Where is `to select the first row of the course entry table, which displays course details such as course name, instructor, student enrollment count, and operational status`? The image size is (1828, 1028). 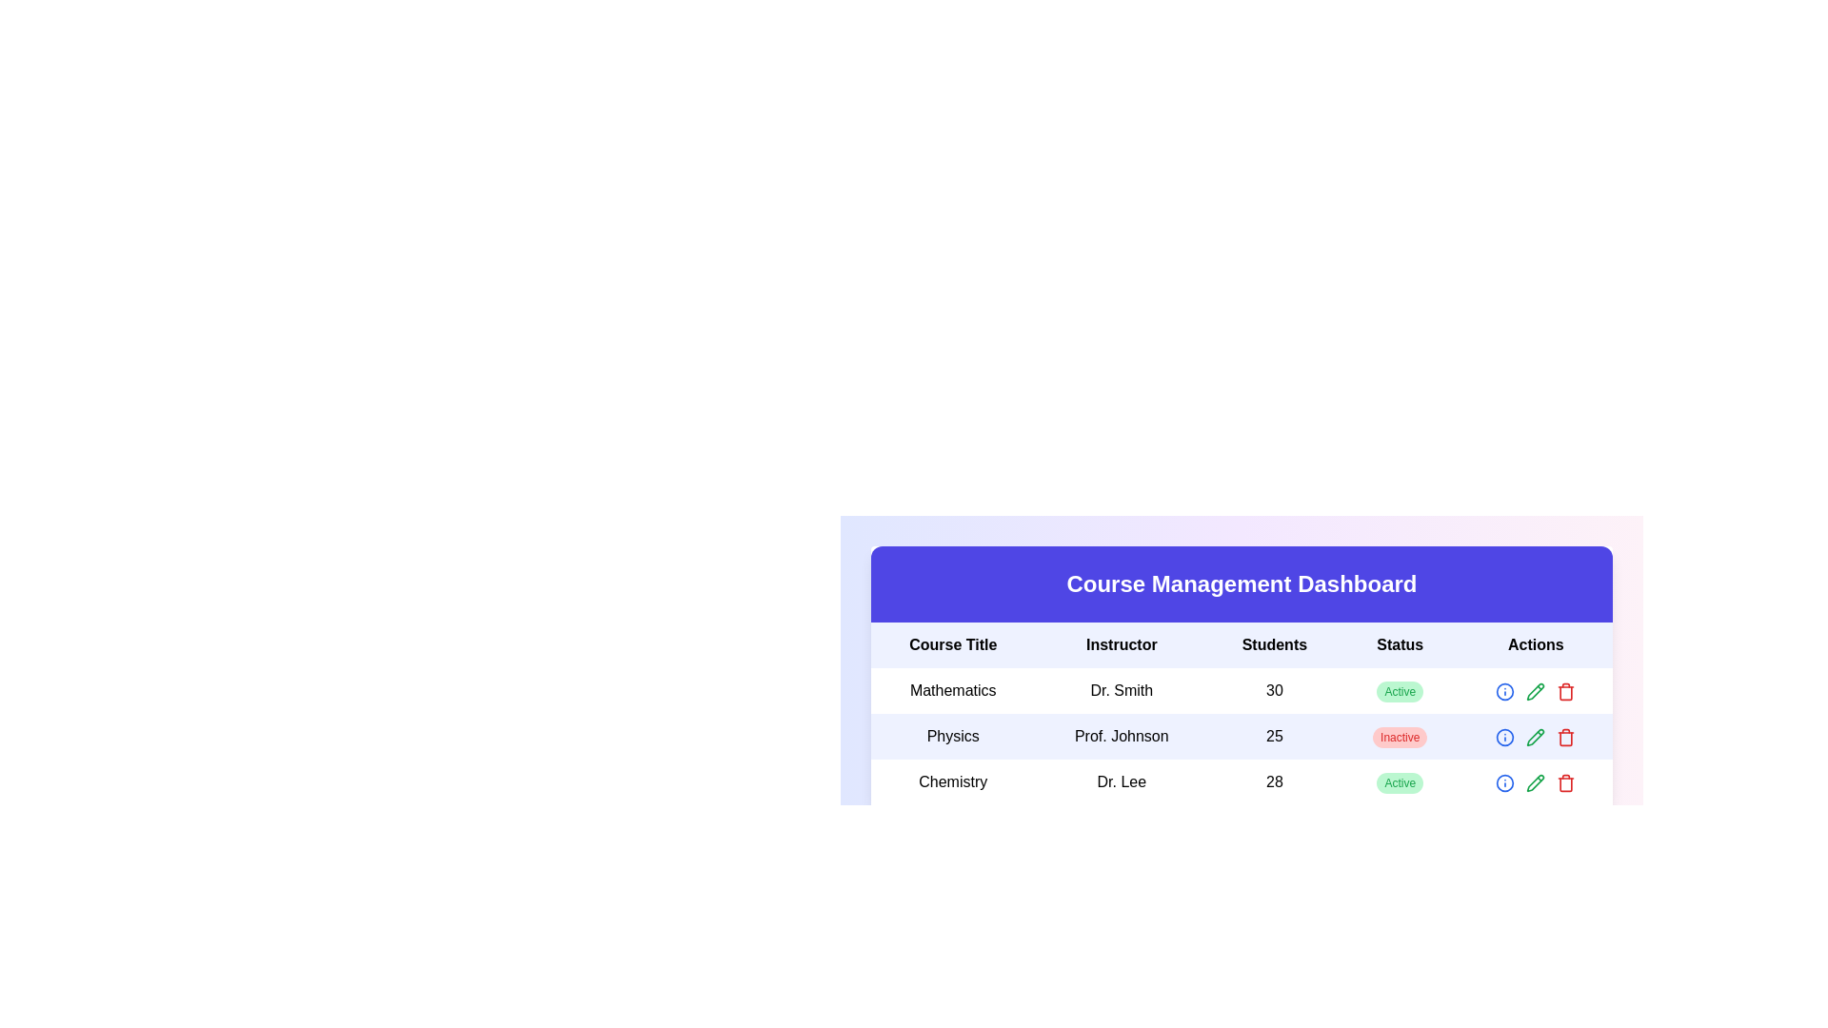 to select the first row of the course entry table, which displays course details such as course name, instructor, student enrollment count, and operational status is located at coordinates (1242, 690).